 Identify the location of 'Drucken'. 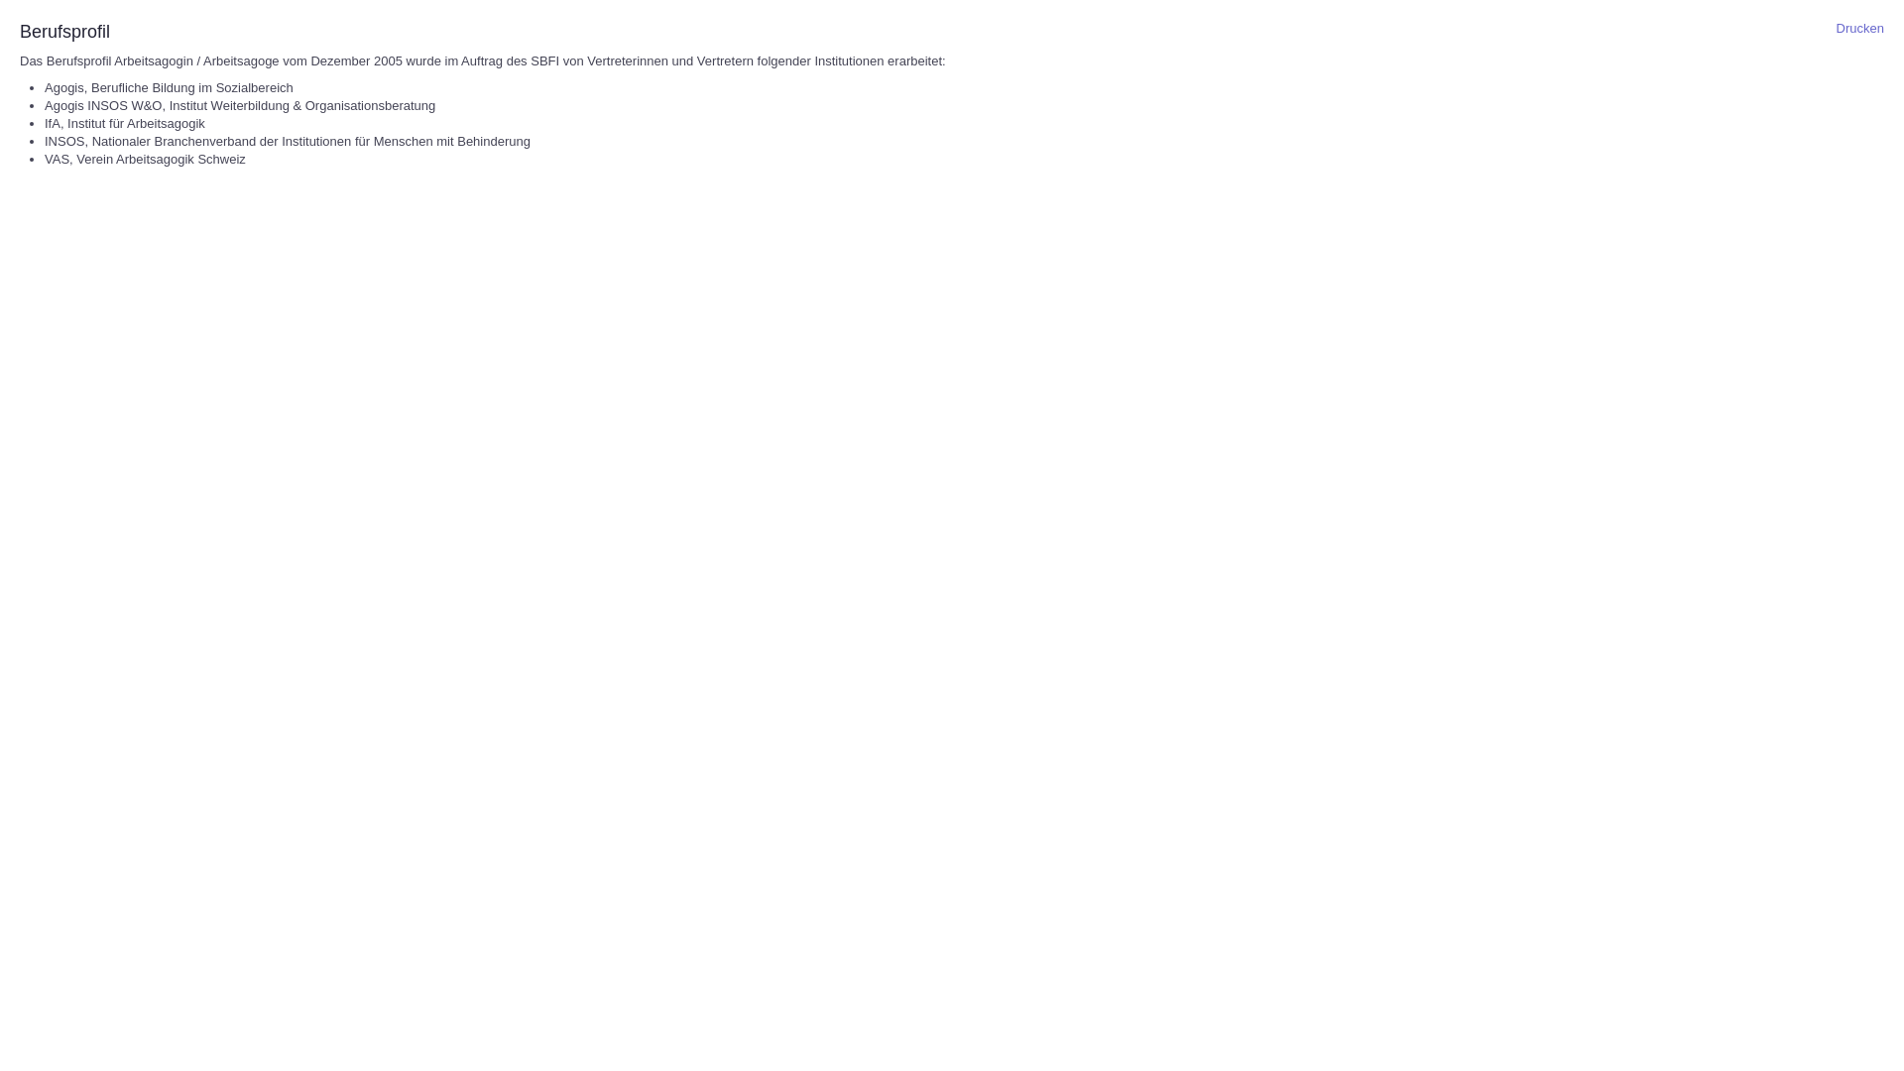
(1859, 28).